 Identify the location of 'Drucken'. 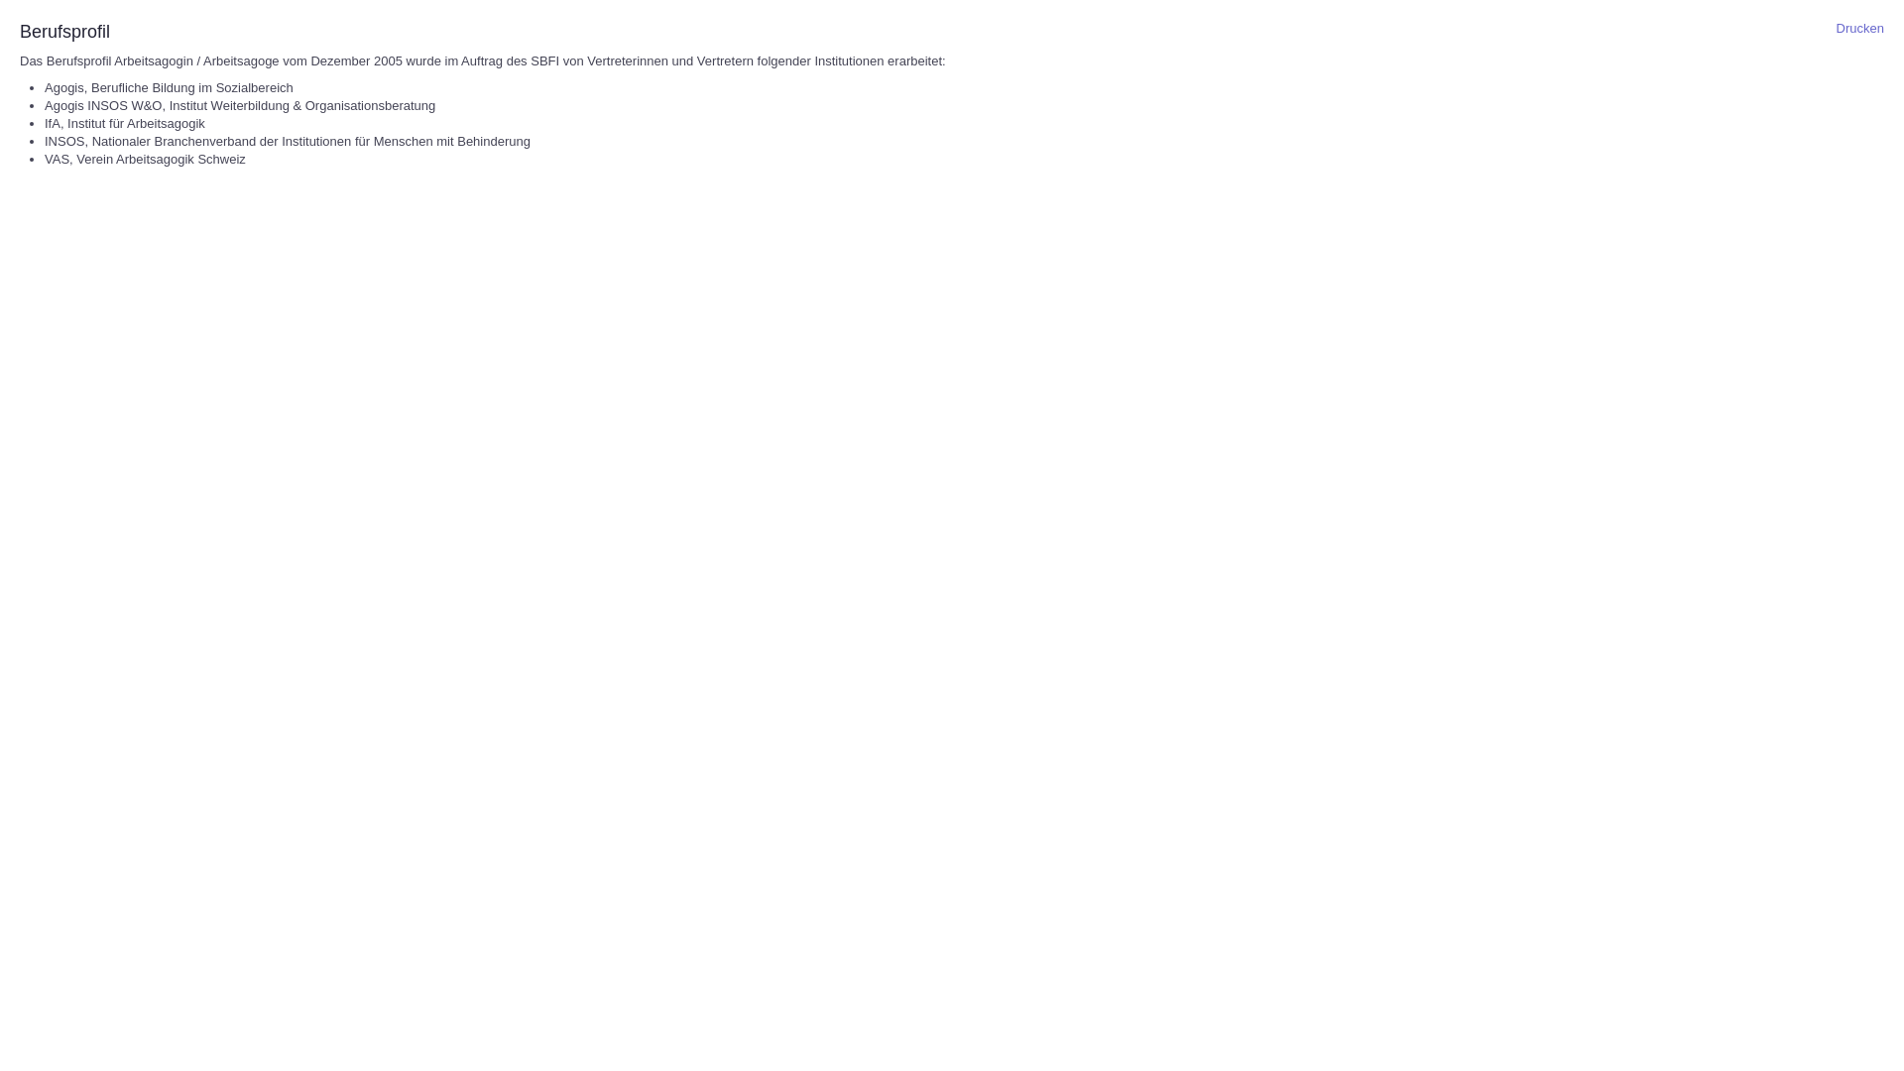
(1859, 28).